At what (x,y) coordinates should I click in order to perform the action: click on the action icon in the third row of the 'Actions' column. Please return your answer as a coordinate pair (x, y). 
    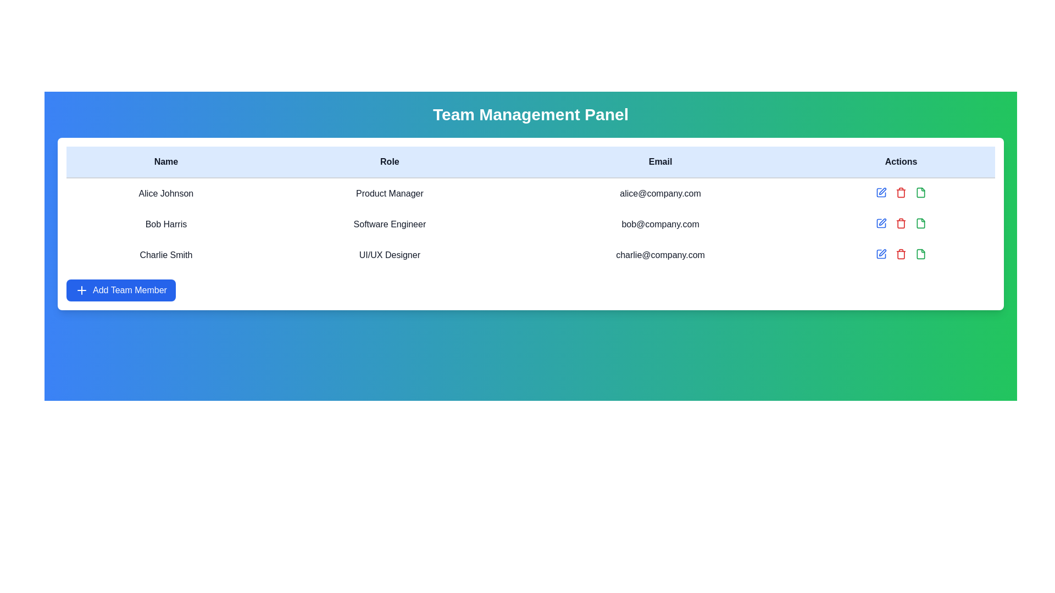
    Looking at the image, I should click on (920, 223).